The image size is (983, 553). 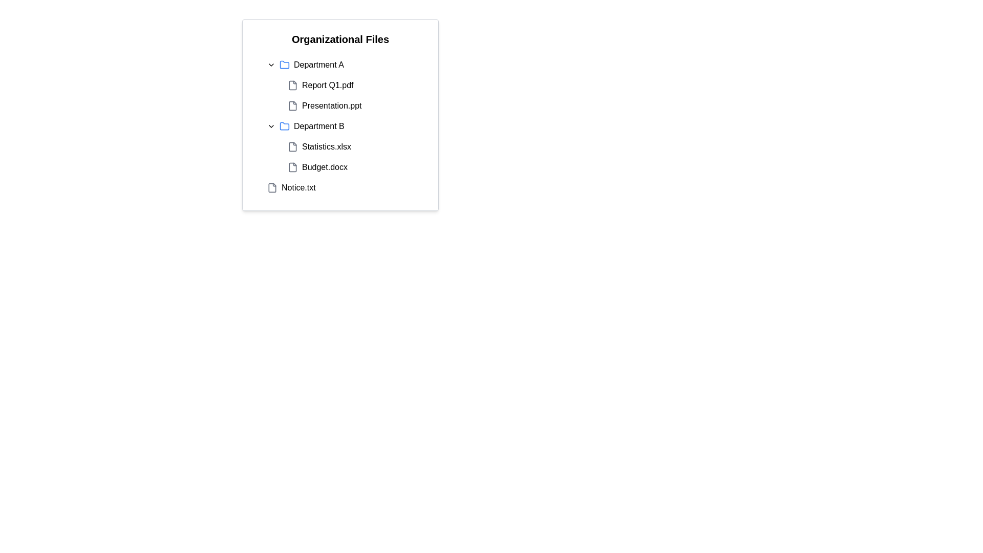 I want to click on the interactive folder representation labeled 'Department B', so click(x=305, y=125).